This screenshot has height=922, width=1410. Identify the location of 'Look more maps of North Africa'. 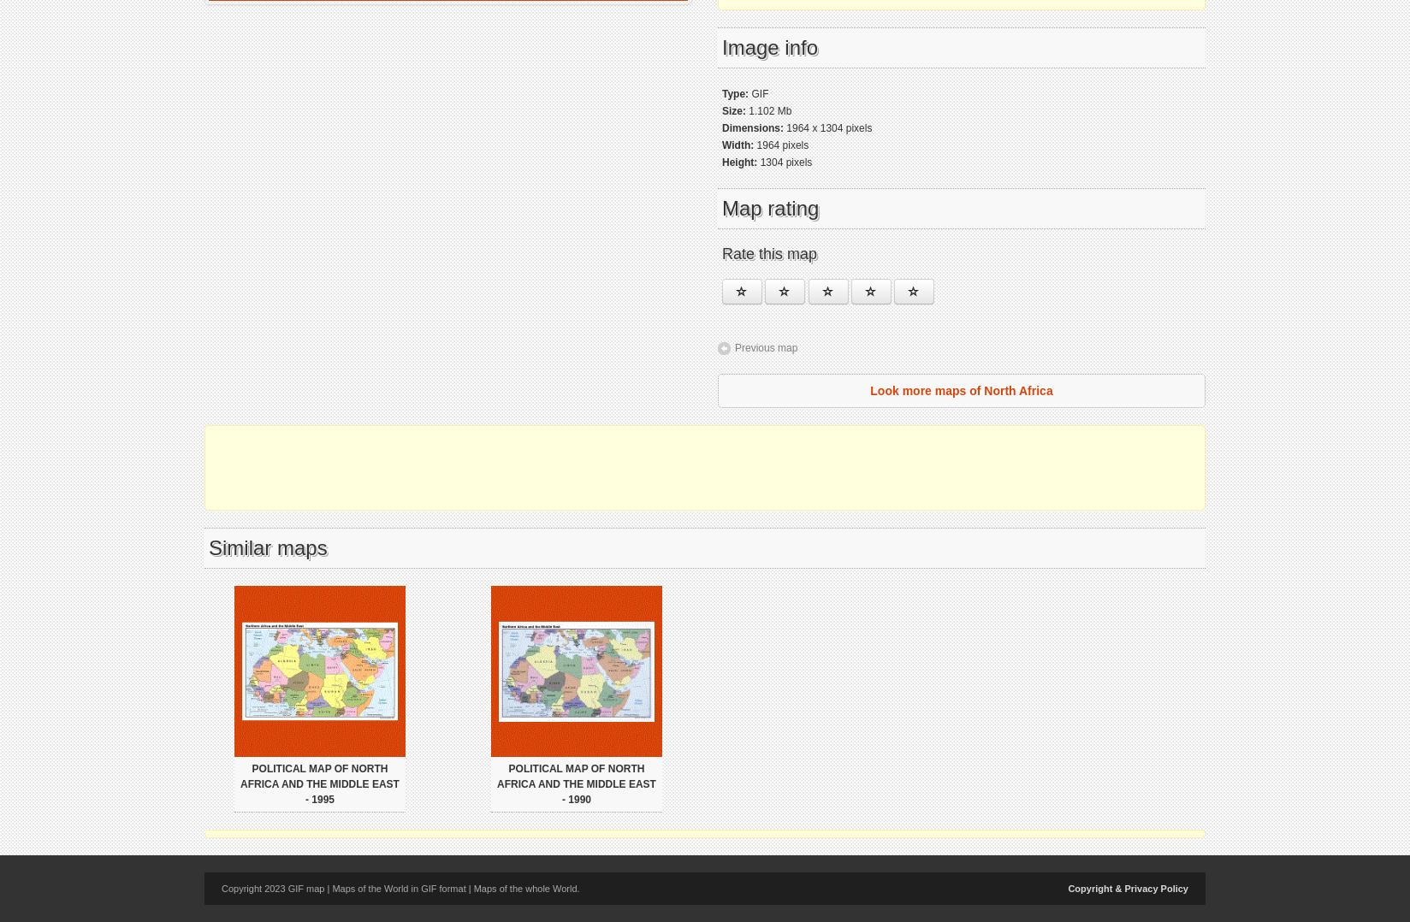
(960, 390).